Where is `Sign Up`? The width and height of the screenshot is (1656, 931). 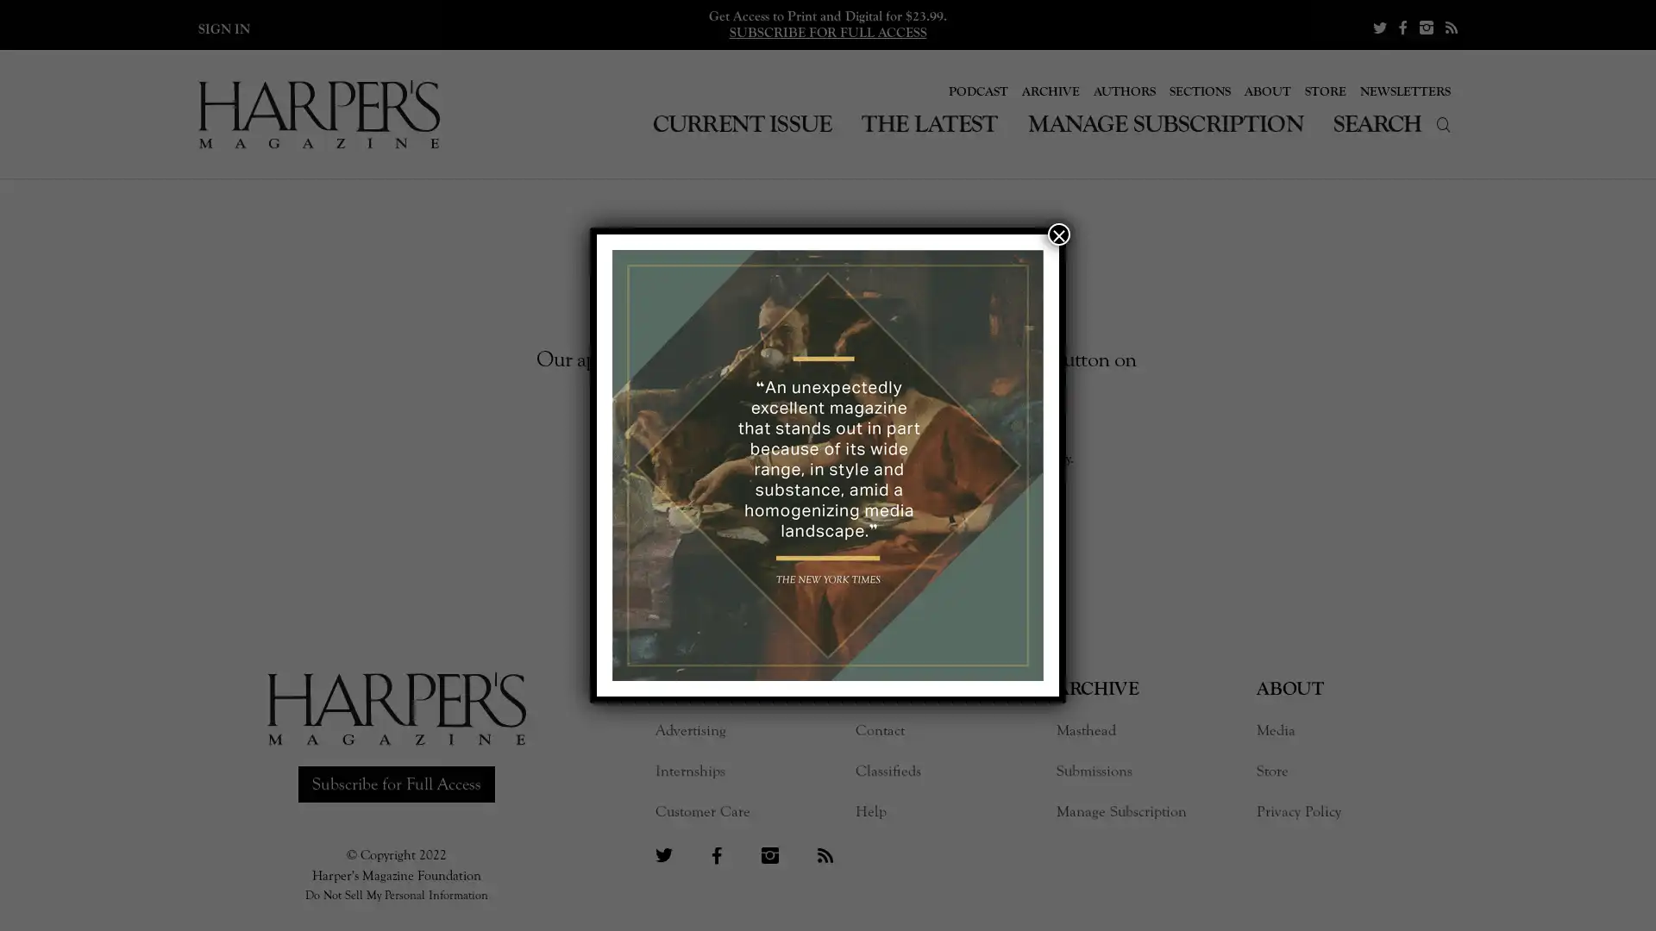
Sign Up is located at coordinates (922, 495).